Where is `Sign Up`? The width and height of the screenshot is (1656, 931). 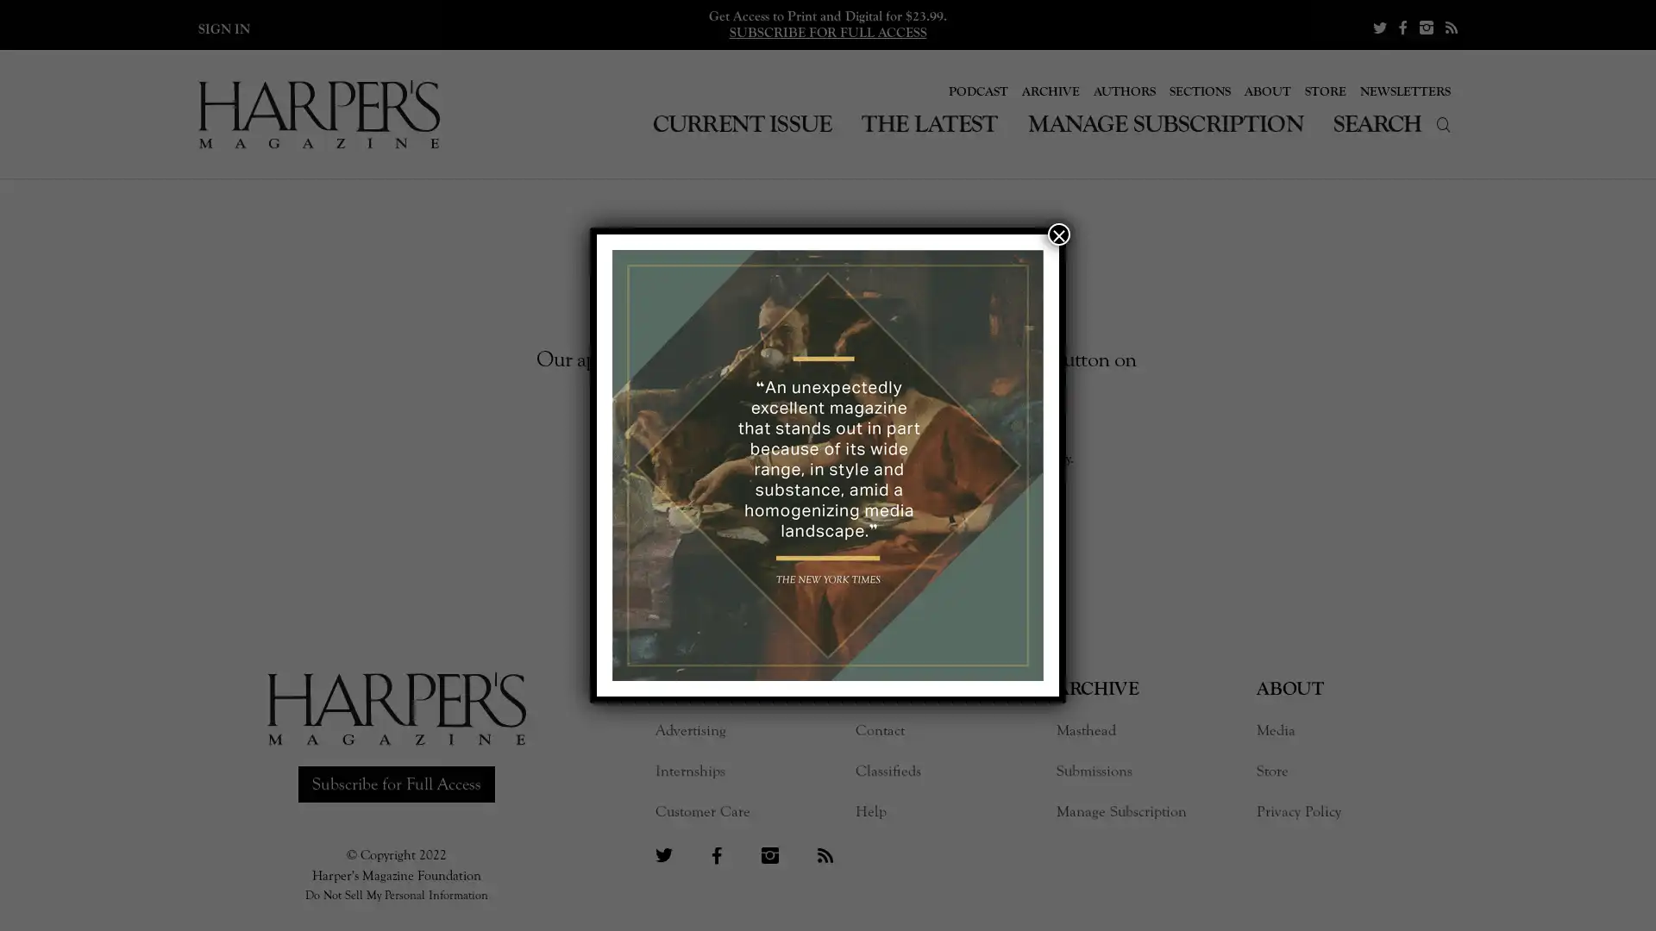
Sign Up is located at coordinates (922, 495).